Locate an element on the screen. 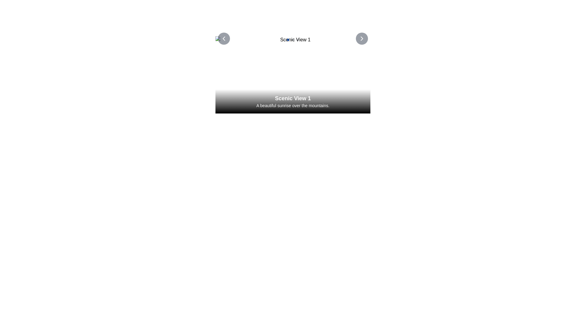 The image size is (581, 326). the right-facing arrow icon within the circular button is located at coordinates (362, 38).